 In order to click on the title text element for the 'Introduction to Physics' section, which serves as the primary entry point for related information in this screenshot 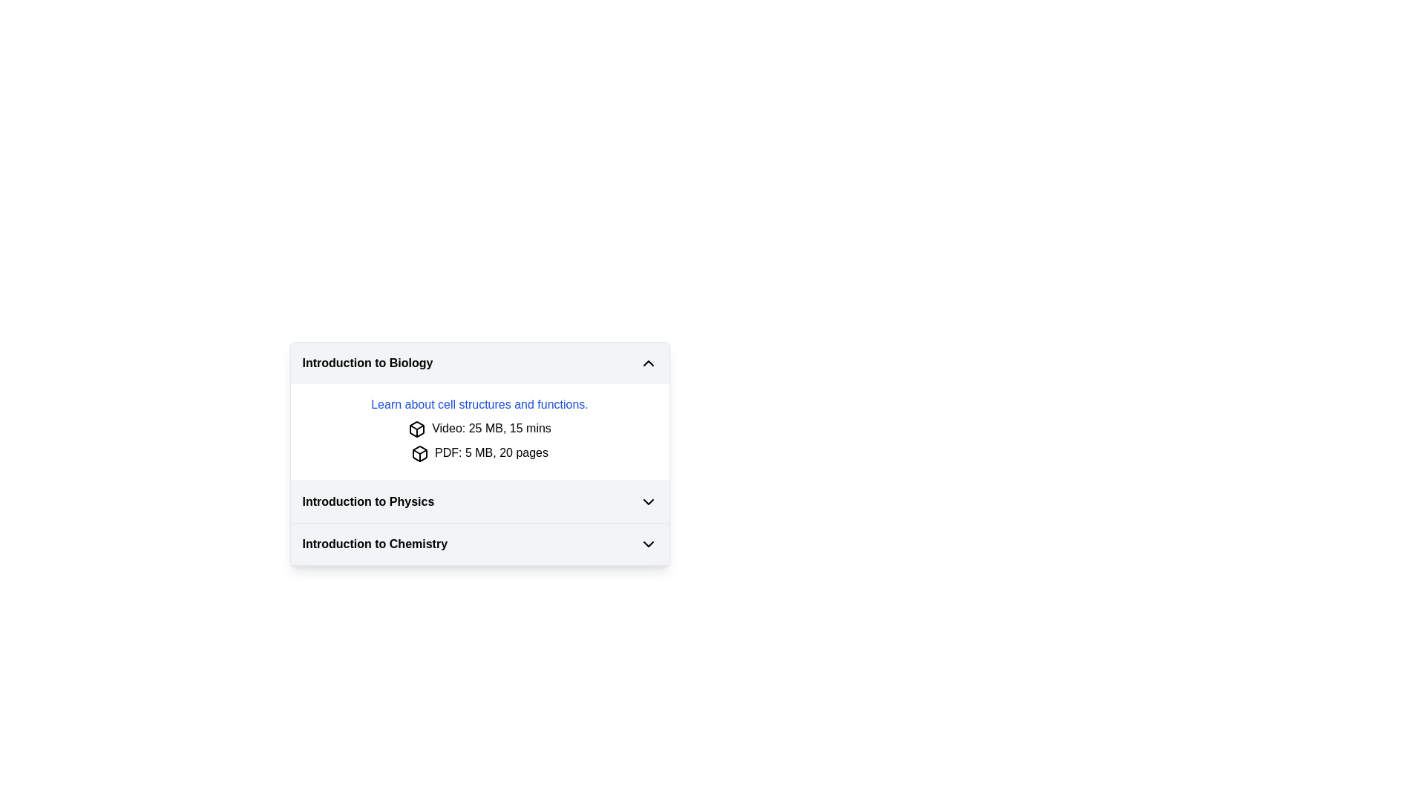, I will do `click(368, 501)`.